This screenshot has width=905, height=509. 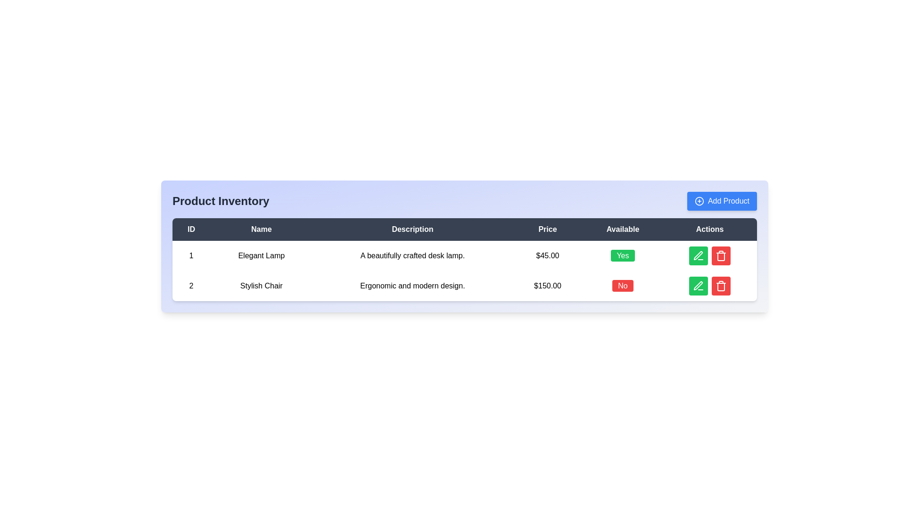 I want to click on the vibrant circular icon located in the top-right corner of the interface, adjacent to the 'Add Product' button, so click(x=699, y=201).